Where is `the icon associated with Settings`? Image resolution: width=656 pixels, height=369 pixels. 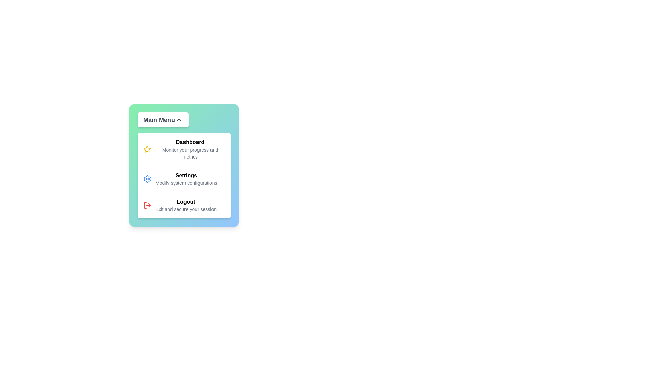
the icon associated with Settings is located at coordinates (147, 179).